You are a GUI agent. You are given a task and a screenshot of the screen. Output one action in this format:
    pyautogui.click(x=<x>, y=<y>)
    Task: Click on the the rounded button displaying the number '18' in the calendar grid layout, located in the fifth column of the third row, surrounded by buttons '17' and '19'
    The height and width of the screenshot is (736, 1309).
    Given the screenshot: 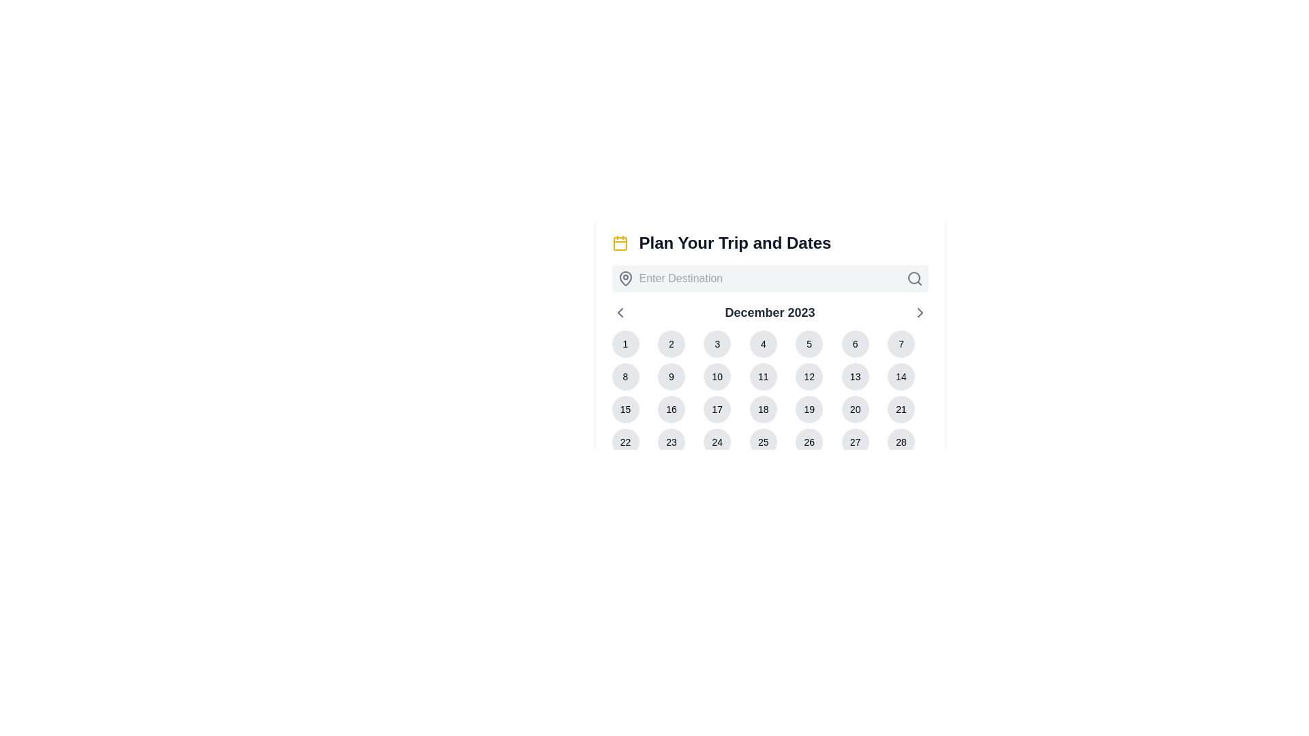 What is the action you would take?
    pyautogui.click(x=762, y=409)
    